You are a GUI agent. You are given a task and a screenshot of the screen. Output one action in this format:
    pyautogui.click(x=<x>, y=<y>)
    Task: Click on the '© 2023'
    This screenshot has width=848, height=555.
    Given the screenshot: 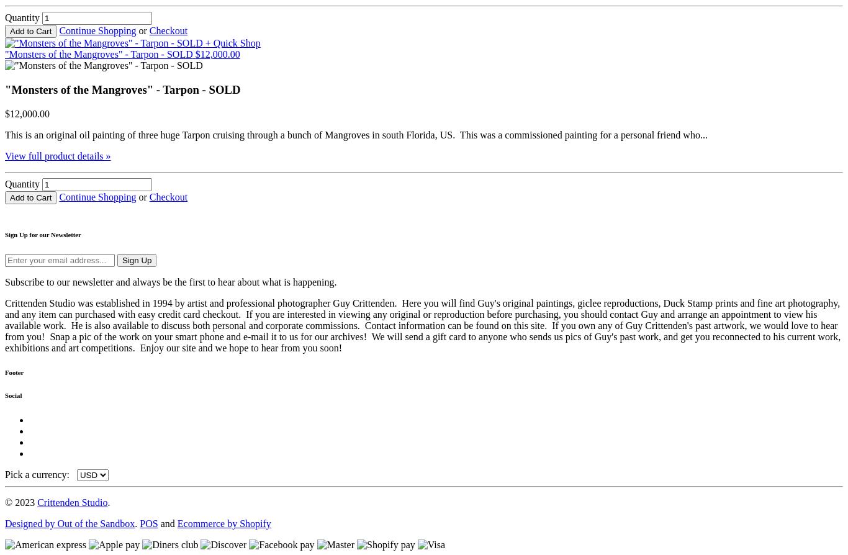 What is the action you would take?
    pyautogui.click(x=21, y=502)
    